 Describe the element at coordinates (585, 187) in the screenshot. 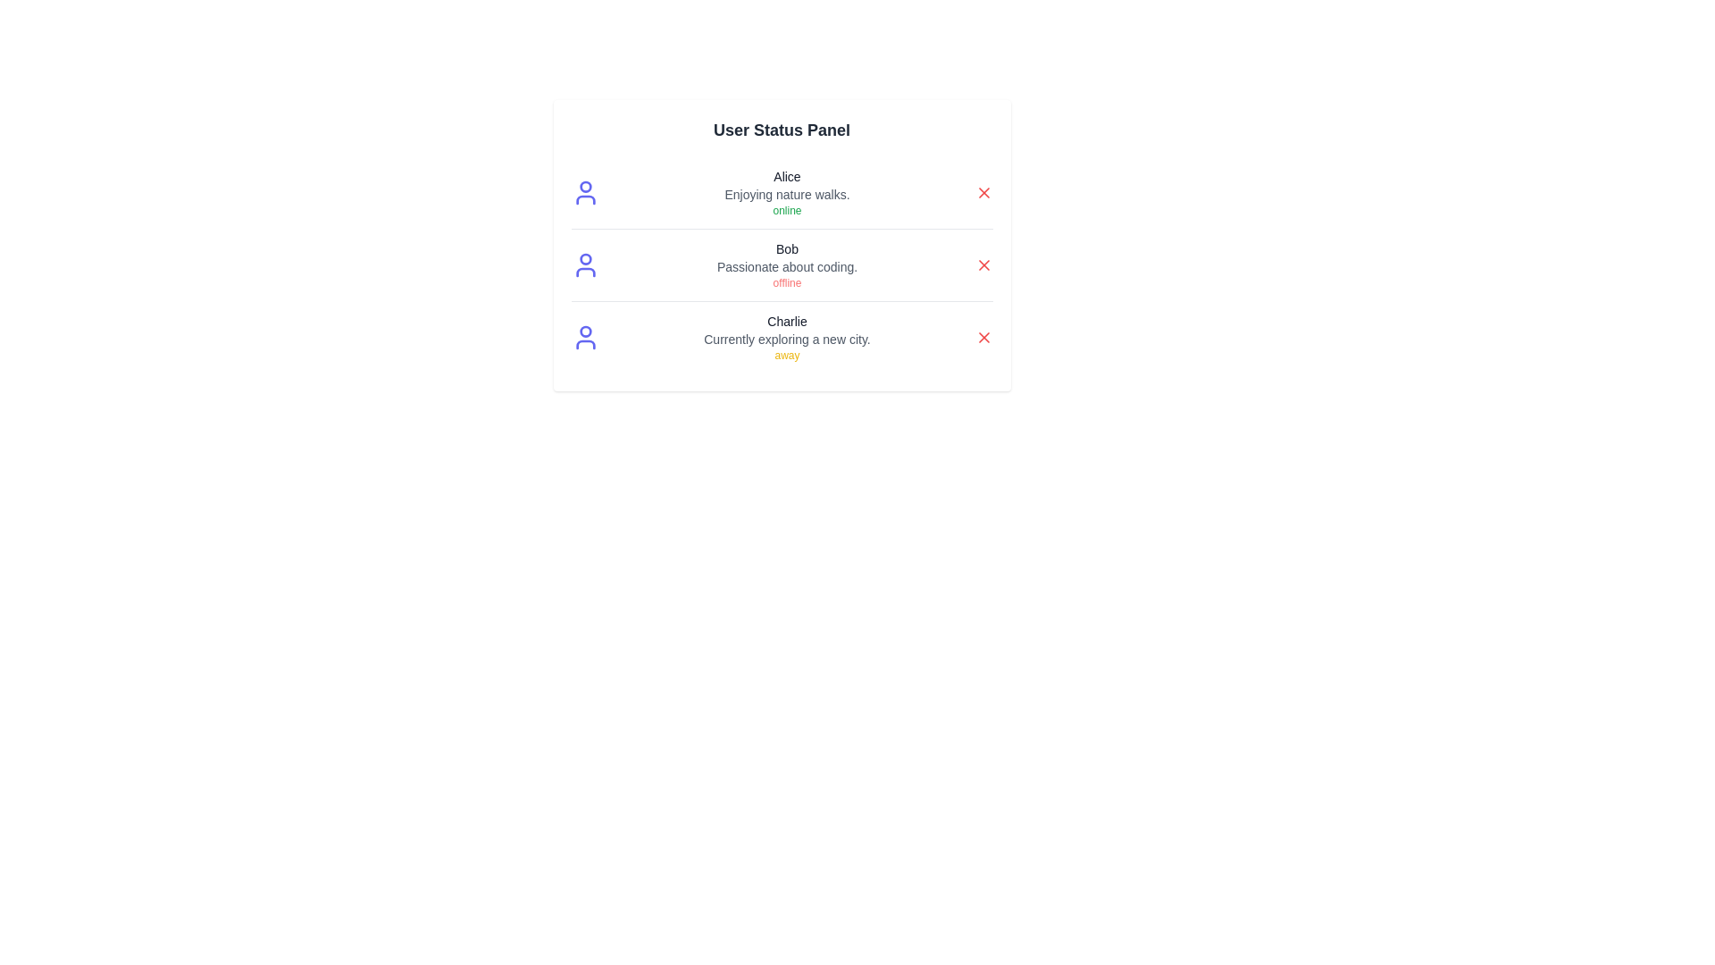

I see `the circular graphical icon representing the user 'Alice' located in the upper portion of the user icon within the 'User Status Panel'` at that location.